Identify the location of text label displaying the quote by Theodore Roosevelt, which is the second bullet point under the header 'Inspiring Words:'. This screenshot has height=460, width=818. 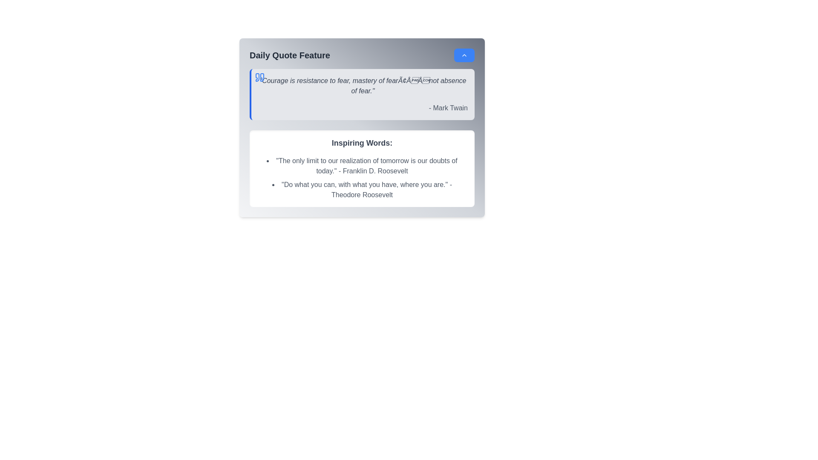
(362, 190).